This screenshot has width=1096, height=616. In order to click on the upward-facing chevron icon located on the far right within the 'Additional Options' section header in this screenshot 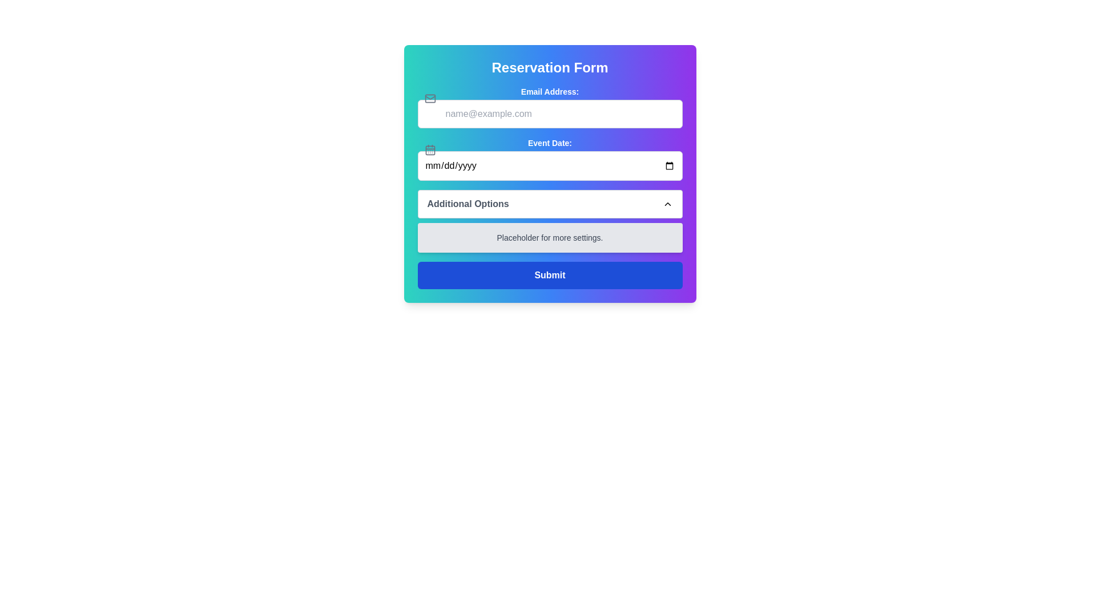, I will do `click(667, 204)`.